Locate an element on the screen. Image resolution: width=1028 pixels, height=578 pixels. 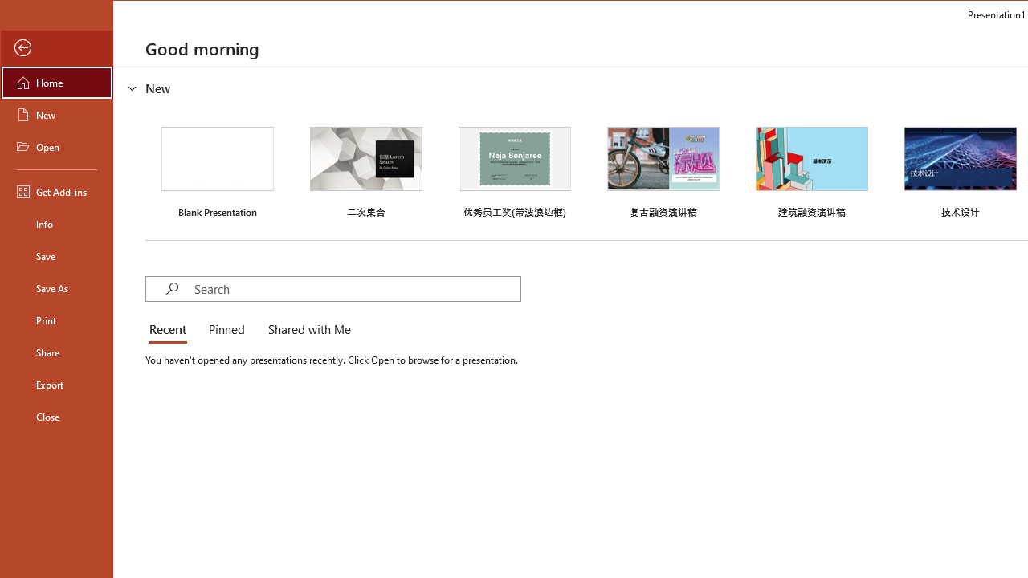
'Back' is located at coordinates (57, 47).